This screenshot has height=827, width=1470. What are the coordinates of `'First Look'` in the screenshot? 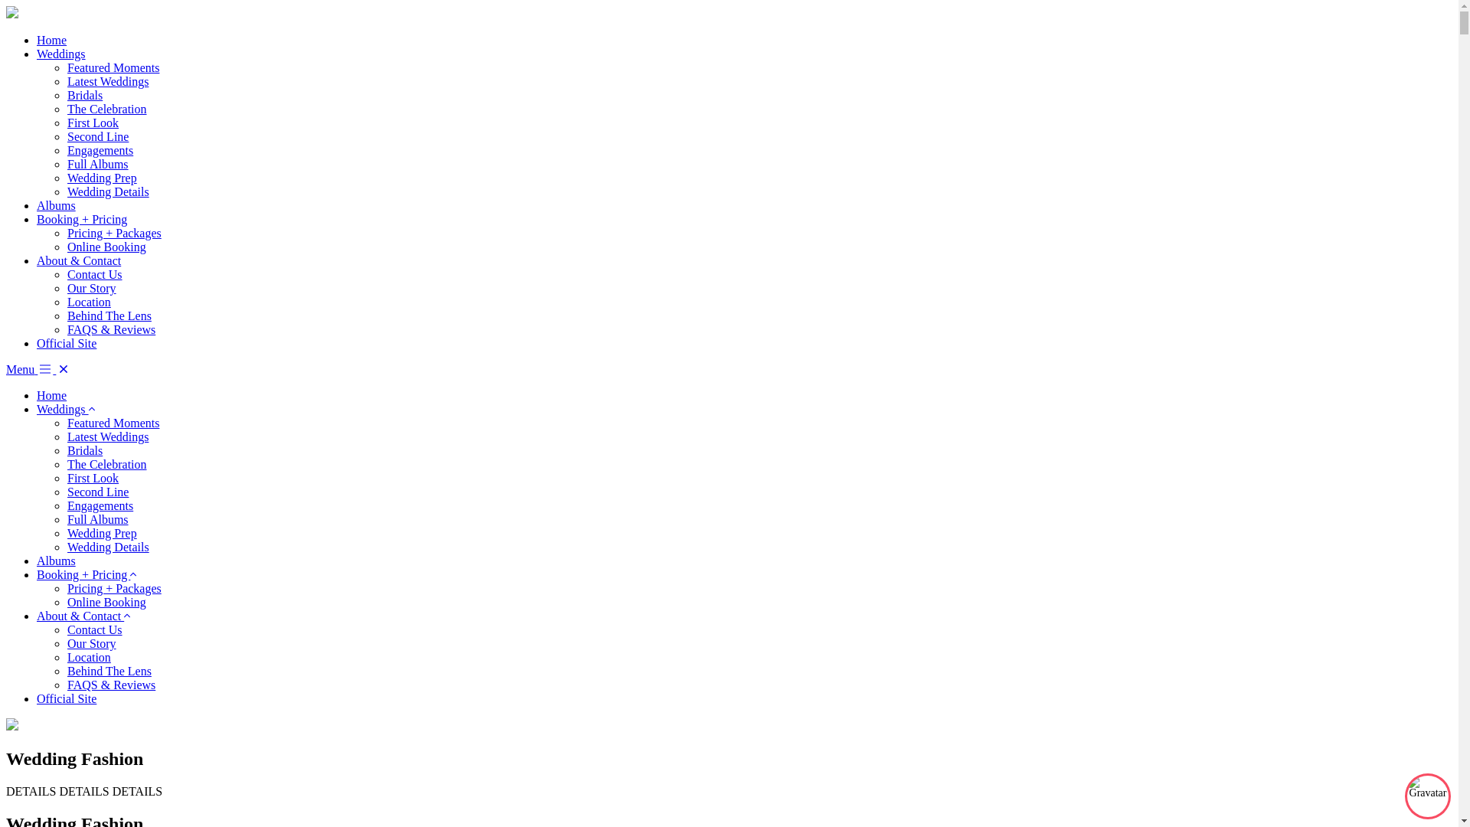 It's located at (92, 122).